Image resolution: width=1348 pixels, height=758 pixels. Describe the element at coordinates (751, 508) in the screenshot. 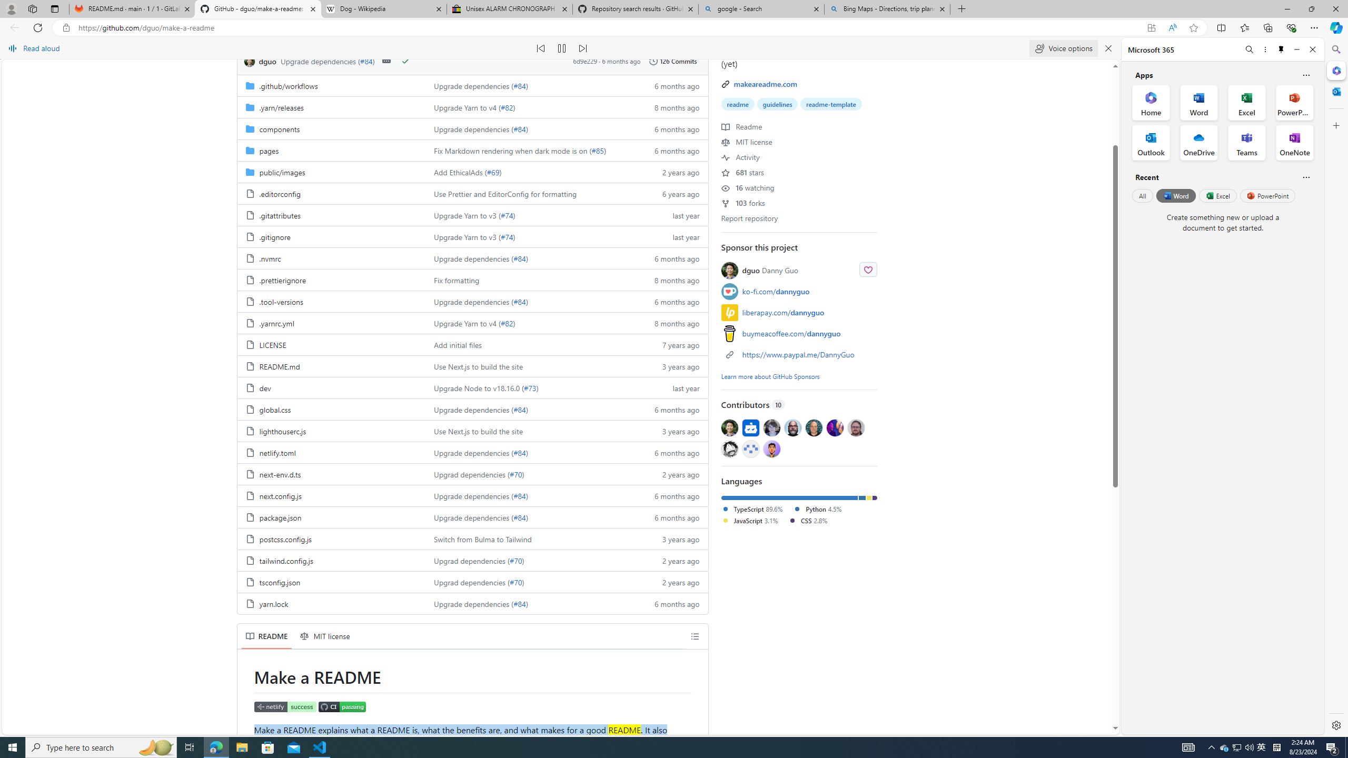

I see `'TypeScript 89.6%'` at that location.